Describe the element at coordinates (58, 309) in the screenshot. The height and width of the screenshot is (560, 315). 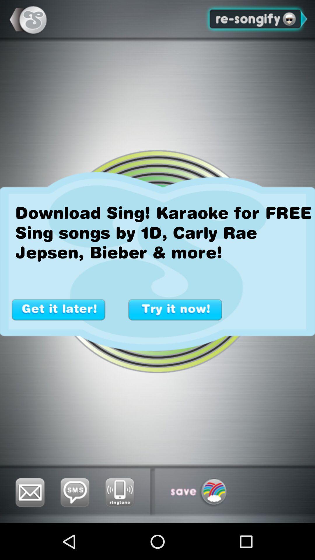
I see `without entering` at that location.